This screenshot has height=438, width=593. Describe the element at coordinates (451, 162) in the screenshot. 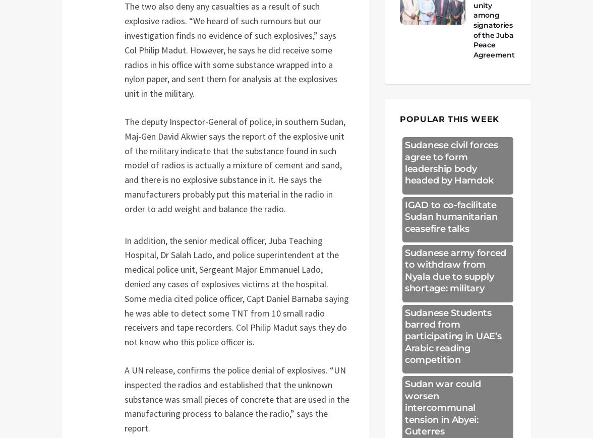

I see `'Sudanese civil forces agree to form leadership body headed by Hamdok'` at that location.